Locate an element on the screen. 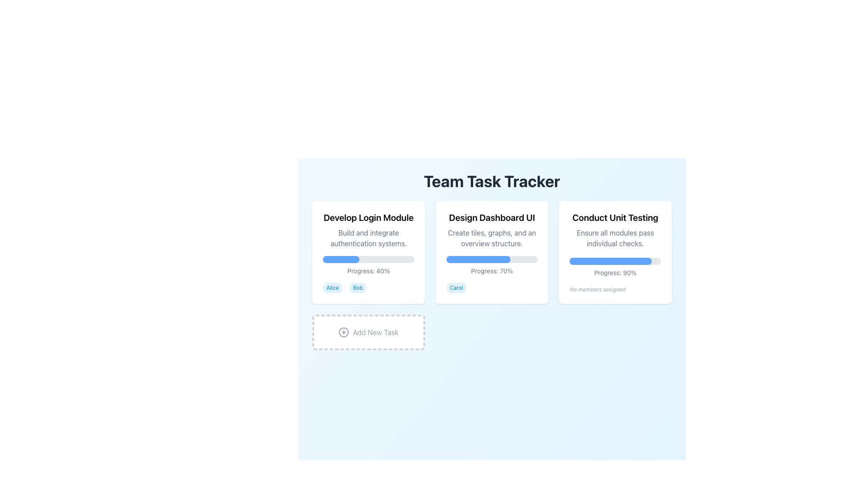  the informational text label indicating that no members have been assigned to the task 'Conduct Unit Testing', located below the progress bar in the card is located at coordinates (598, 289).